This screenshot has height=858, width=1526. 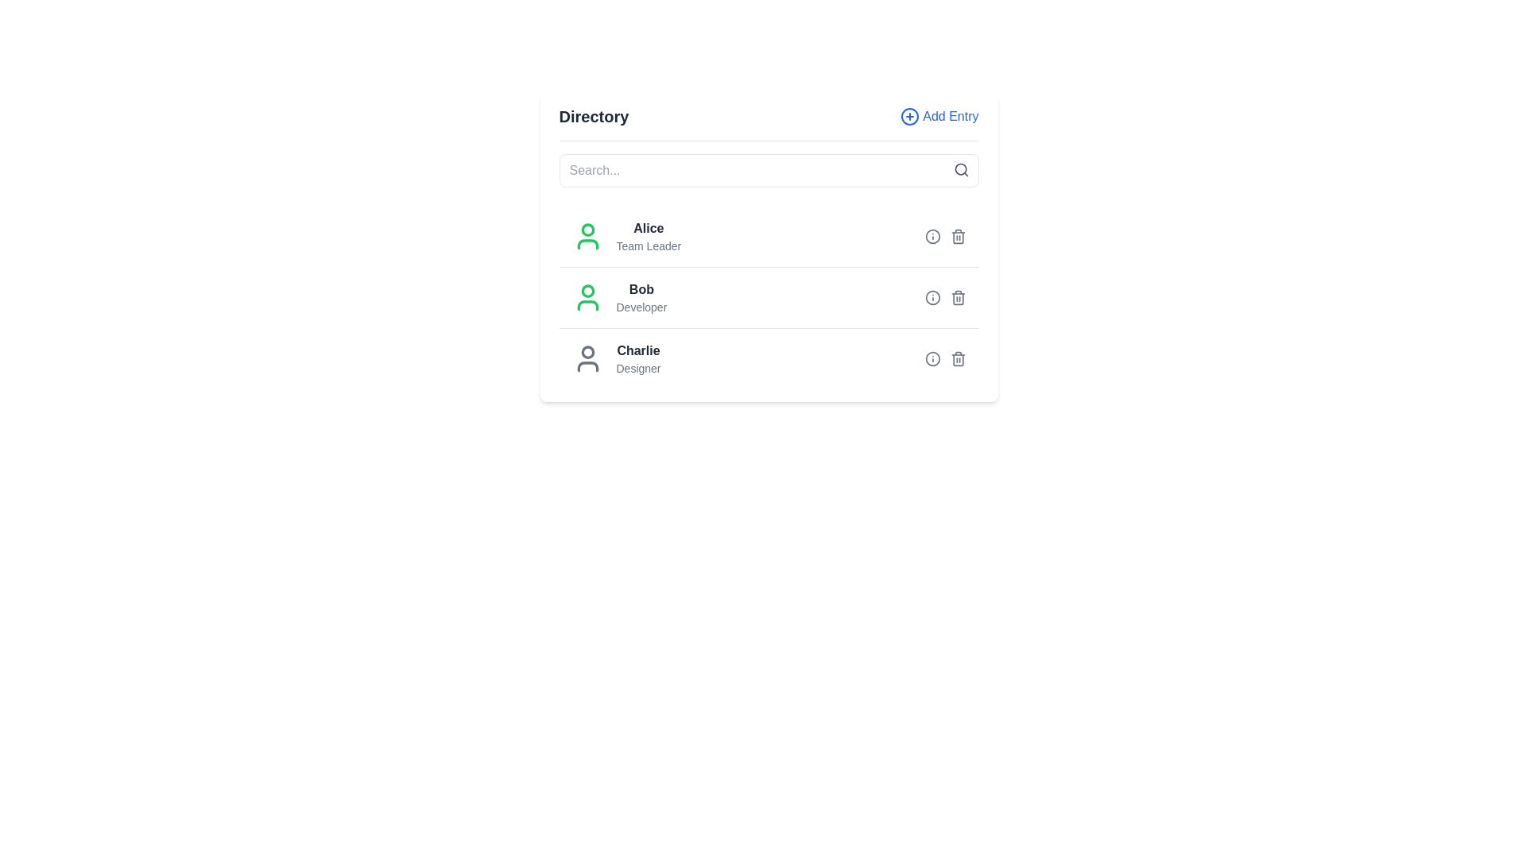 I want to click on the search icon, which is a gray magnifying glass SVG positioned inside the search bar input field, so click(x=960, y=169).